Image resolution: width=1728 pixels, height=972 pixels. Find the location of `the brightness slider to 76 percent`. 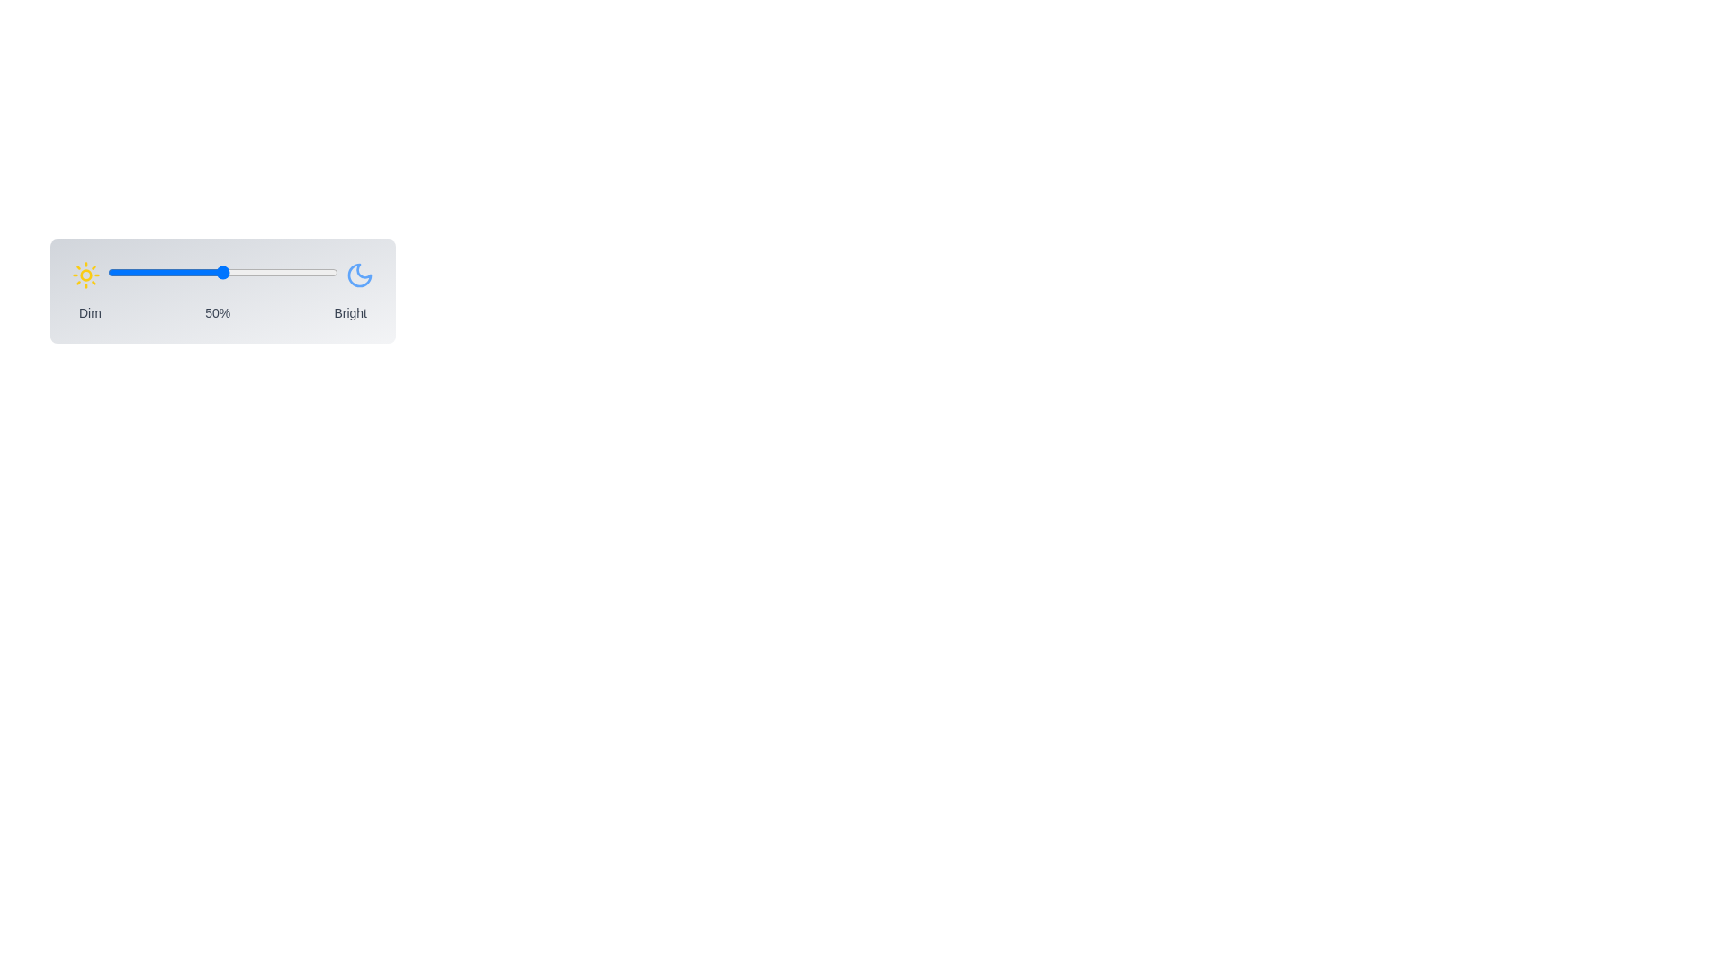

the brightness slider to 76 percent is located at coordinates (282, 273).